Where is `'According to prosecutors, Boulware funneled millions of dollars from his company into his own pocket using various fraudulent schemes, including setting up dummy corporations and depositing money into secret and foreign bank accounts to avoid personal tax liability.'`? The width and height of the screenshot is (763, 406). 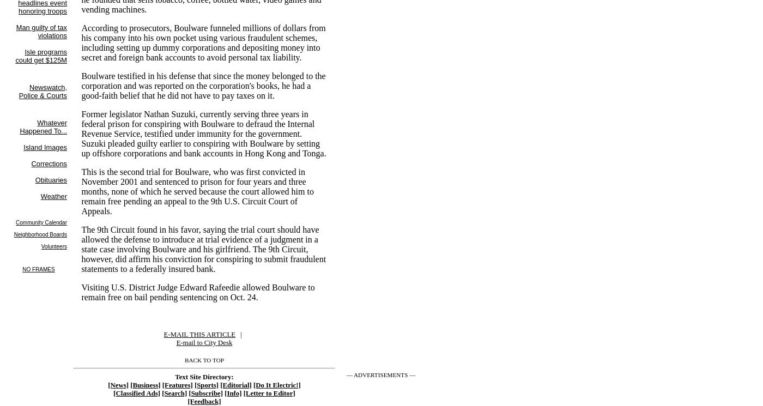 'According to prosecutors, Boulware funneled millions of dollars from his company into his own pocket using various fraudulent schemes, including setting up dummy corporations and depositing money into secret and foreign bank accounts to avoid personal tax liability.' is located at coordinates (203, 42).